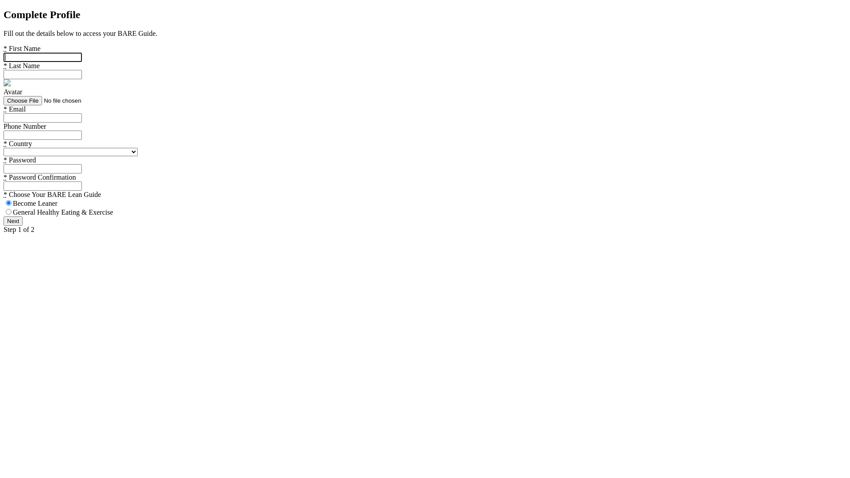 The image size is (850, 478). I want to click on 'Next', so click(13, 220).